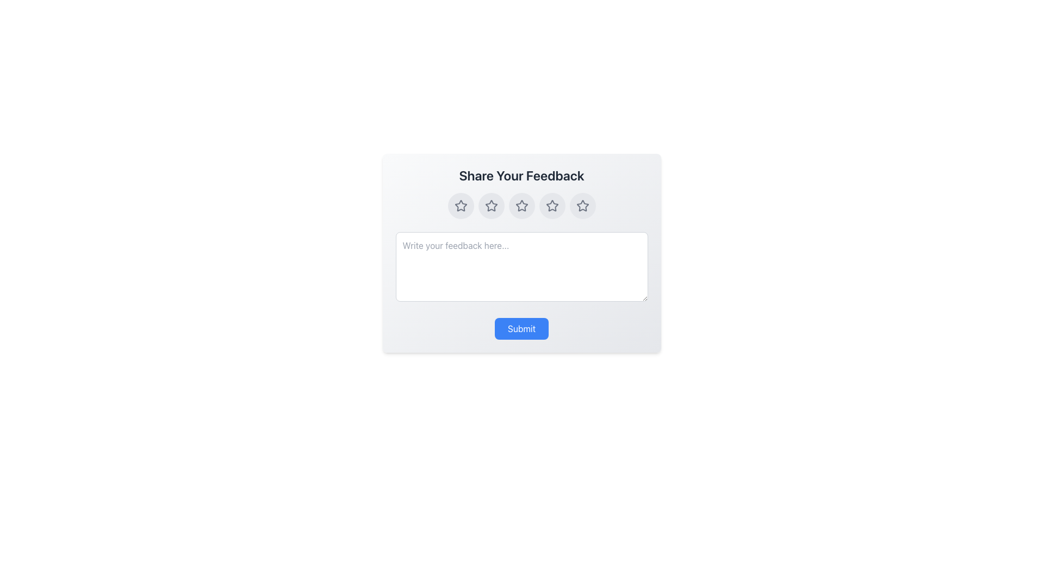 The height and width of the screenshot is (587, 1044). Describe the element at coordinates (552, 205) in the screenshot. I see `the fourth button in the horizontal row of rating buttons below the 'Share Your Feedback' header and activate it` at that location.